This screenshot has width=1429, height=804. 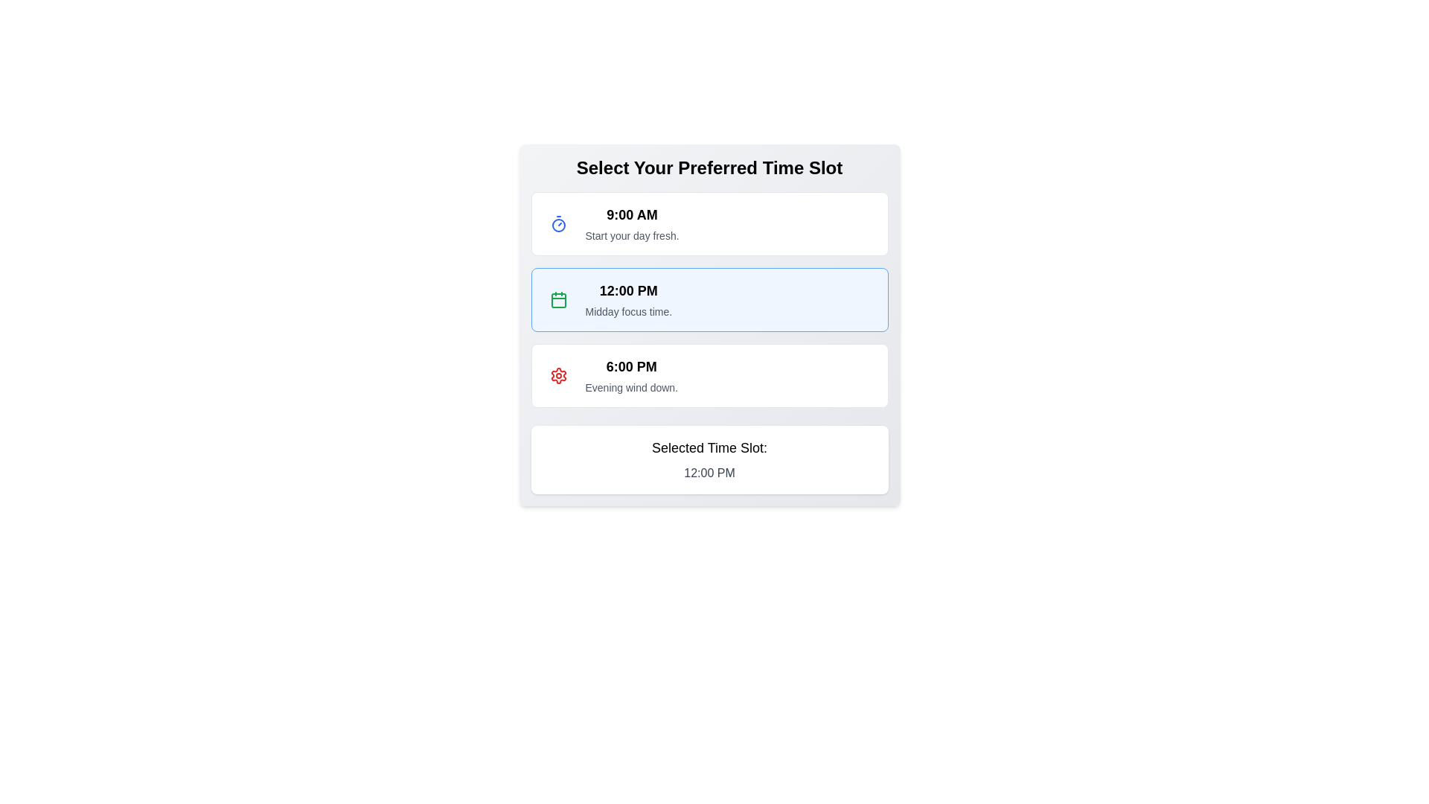 I want to click on the text label displaying the currently selected time, located in the 'Selected Time Slot' summary section below the 'Selected Time Slot:' label, so click(x=709, y=473).